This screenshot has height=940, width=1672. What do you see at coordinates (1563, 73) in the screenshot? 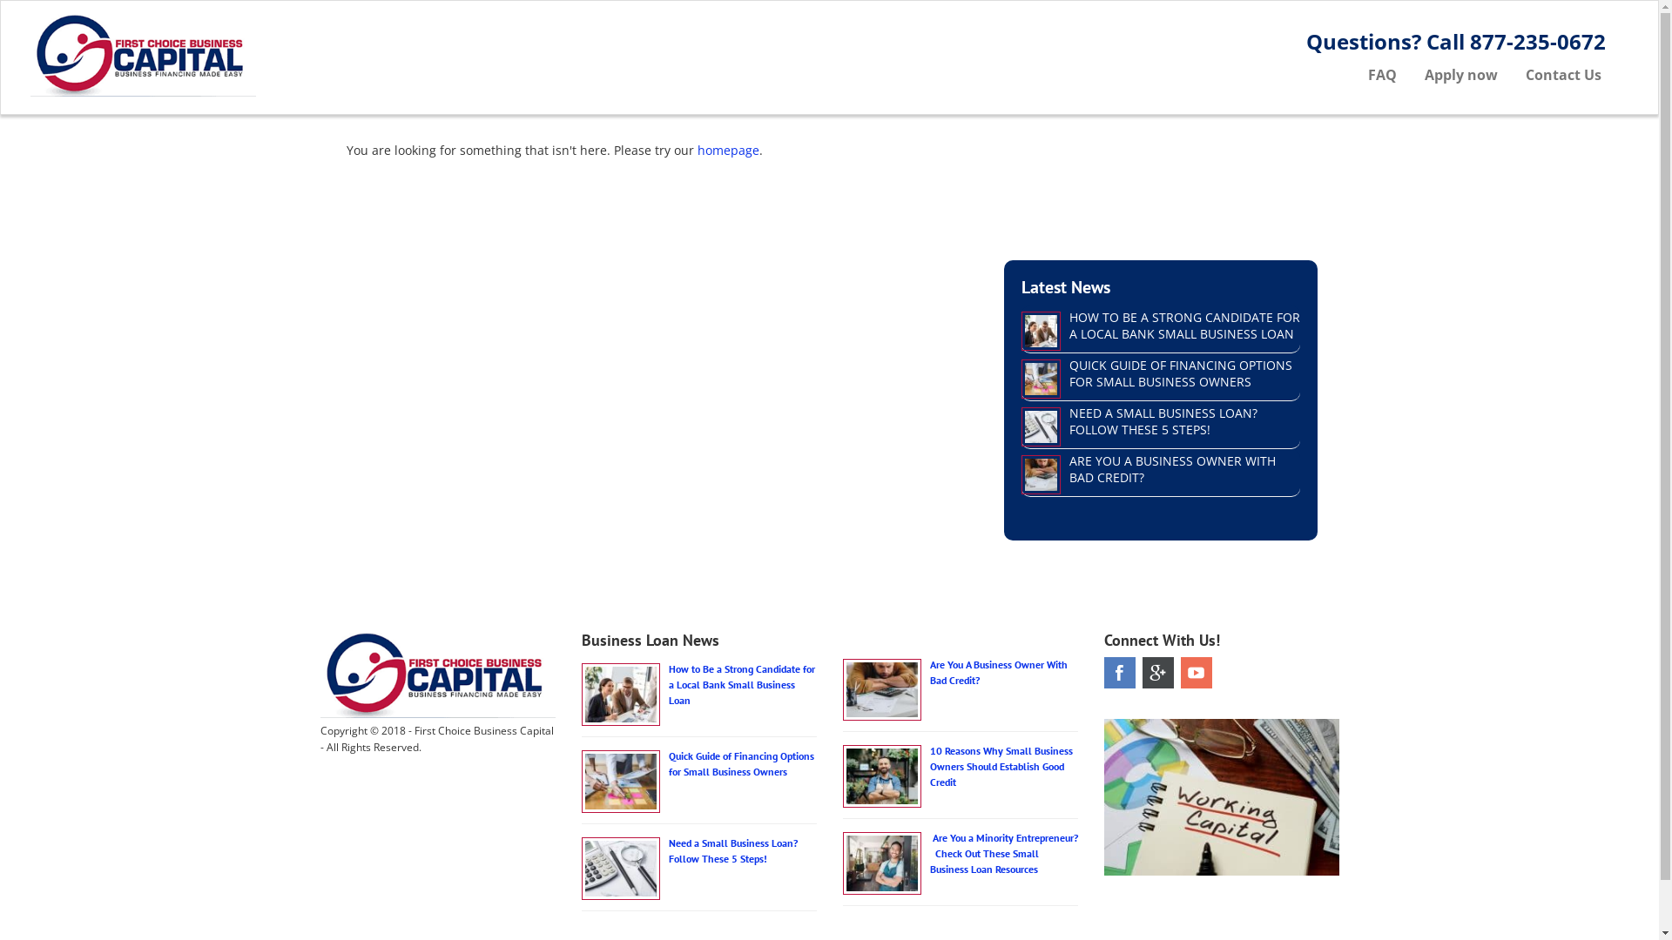
I see `'Contact Us'` at bounding box center [1563, 73].